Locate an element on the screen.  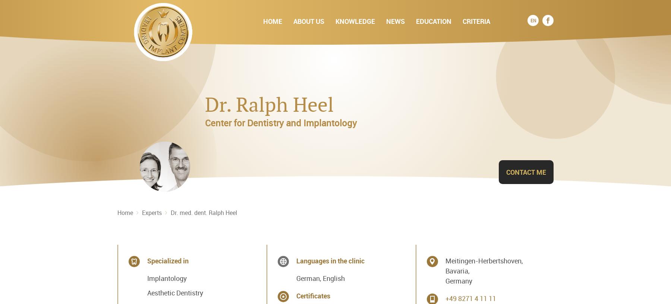
'Meitingen-Herbertshoven,' is located at coordinates (483, 260).